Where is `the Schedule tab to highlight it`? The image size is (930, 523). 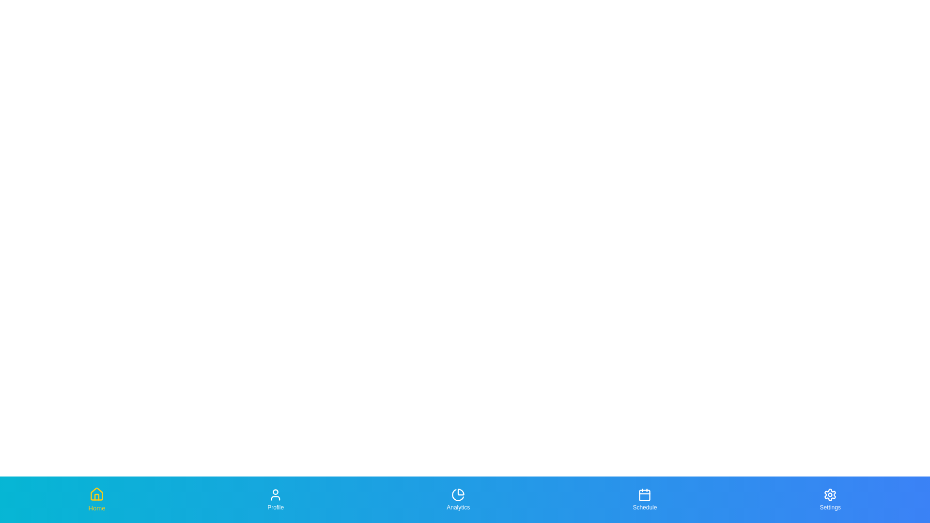 the Schedule tab to highlight it is located at coordinates (644, 500).